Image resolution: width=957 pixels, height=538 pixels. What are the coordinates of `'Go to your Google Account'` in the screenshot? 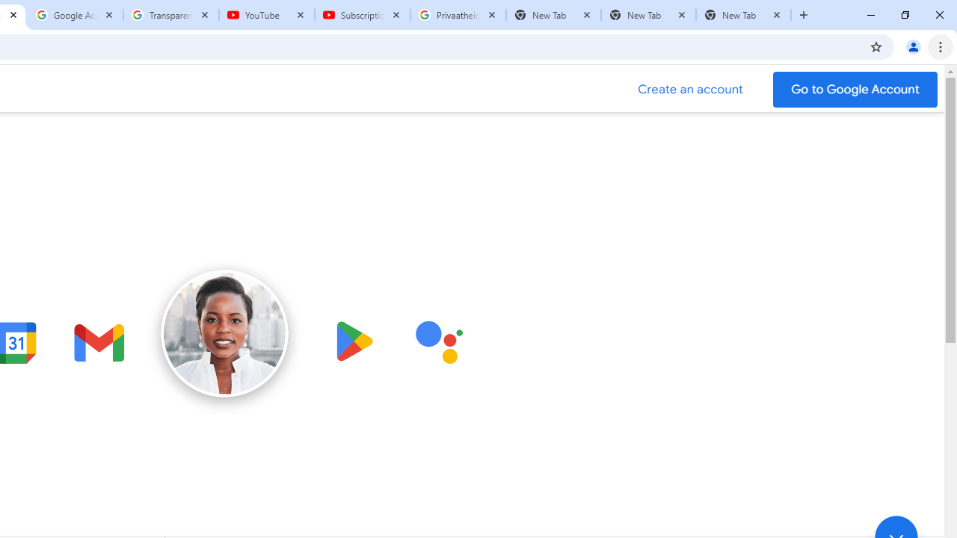 It's located at (855, 89).